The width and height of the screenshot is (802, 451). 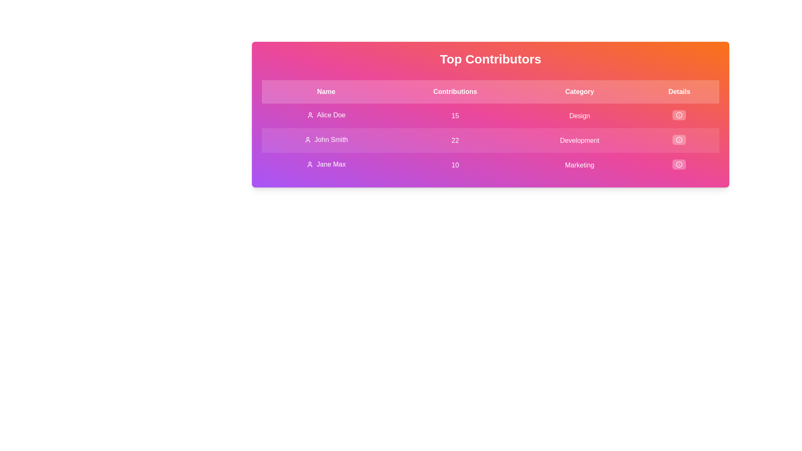 I want to click on the 'Marketing' text label in the 'Category' column of the 'Top Contributors' table, which is styled with a bold white font on a pink and orange gradient background, so click(x=579, y=165).